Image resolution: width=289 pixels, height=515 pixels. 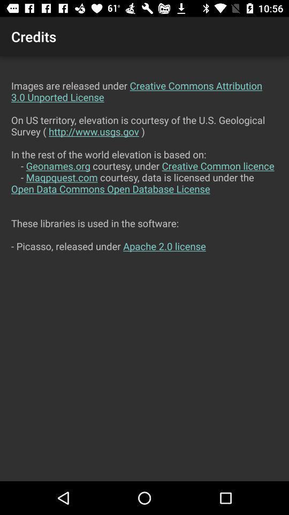 I want to click on icon below the credits app, so click(x=144, y=268).